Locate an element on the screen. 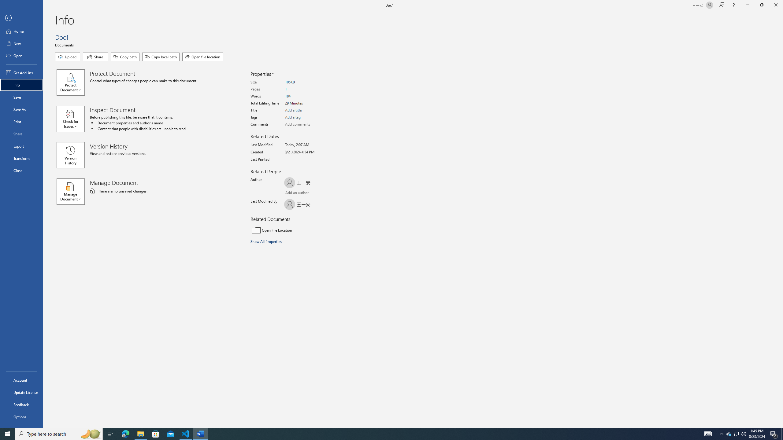  'Add an author' is located at coordinates (290, 193).